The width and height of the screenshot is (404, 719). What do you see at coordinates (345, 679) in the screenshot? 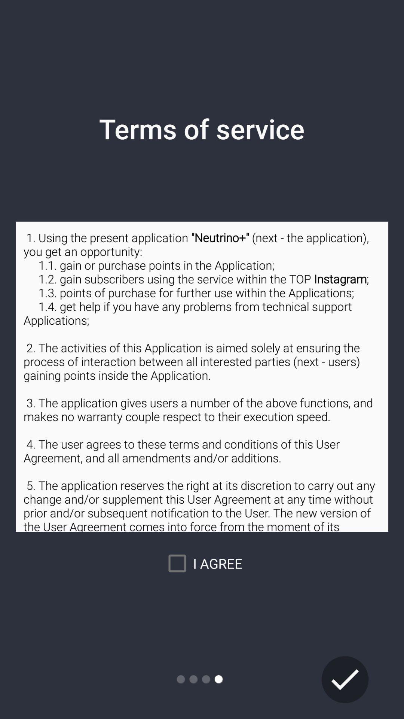
I see `submit the page` at bounding box center [345, 679].